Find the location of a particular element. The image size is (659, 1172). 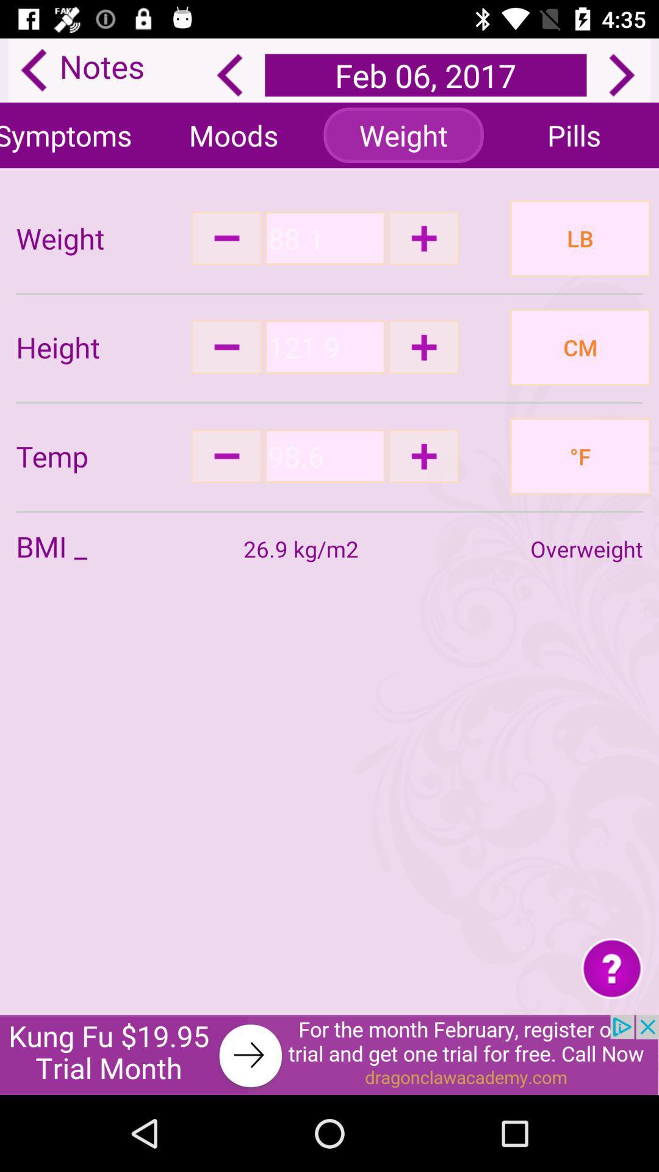

decrease weight informed is located at coordinates (226, 238).